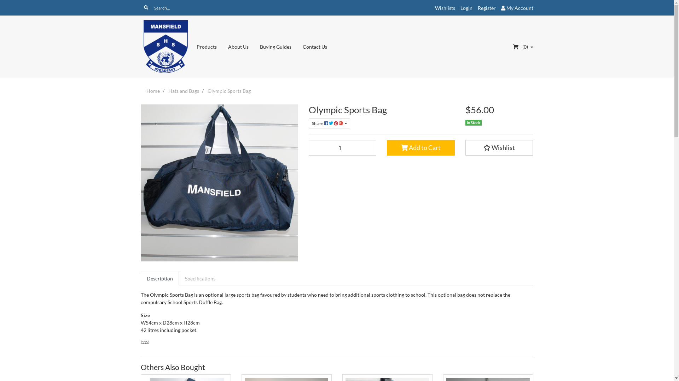 This screenshot has width=679, height=381. What do you see at coordinates (499, 147) in the screenshot?
I see `'Wishlist'` at bounding box center [499, 147].